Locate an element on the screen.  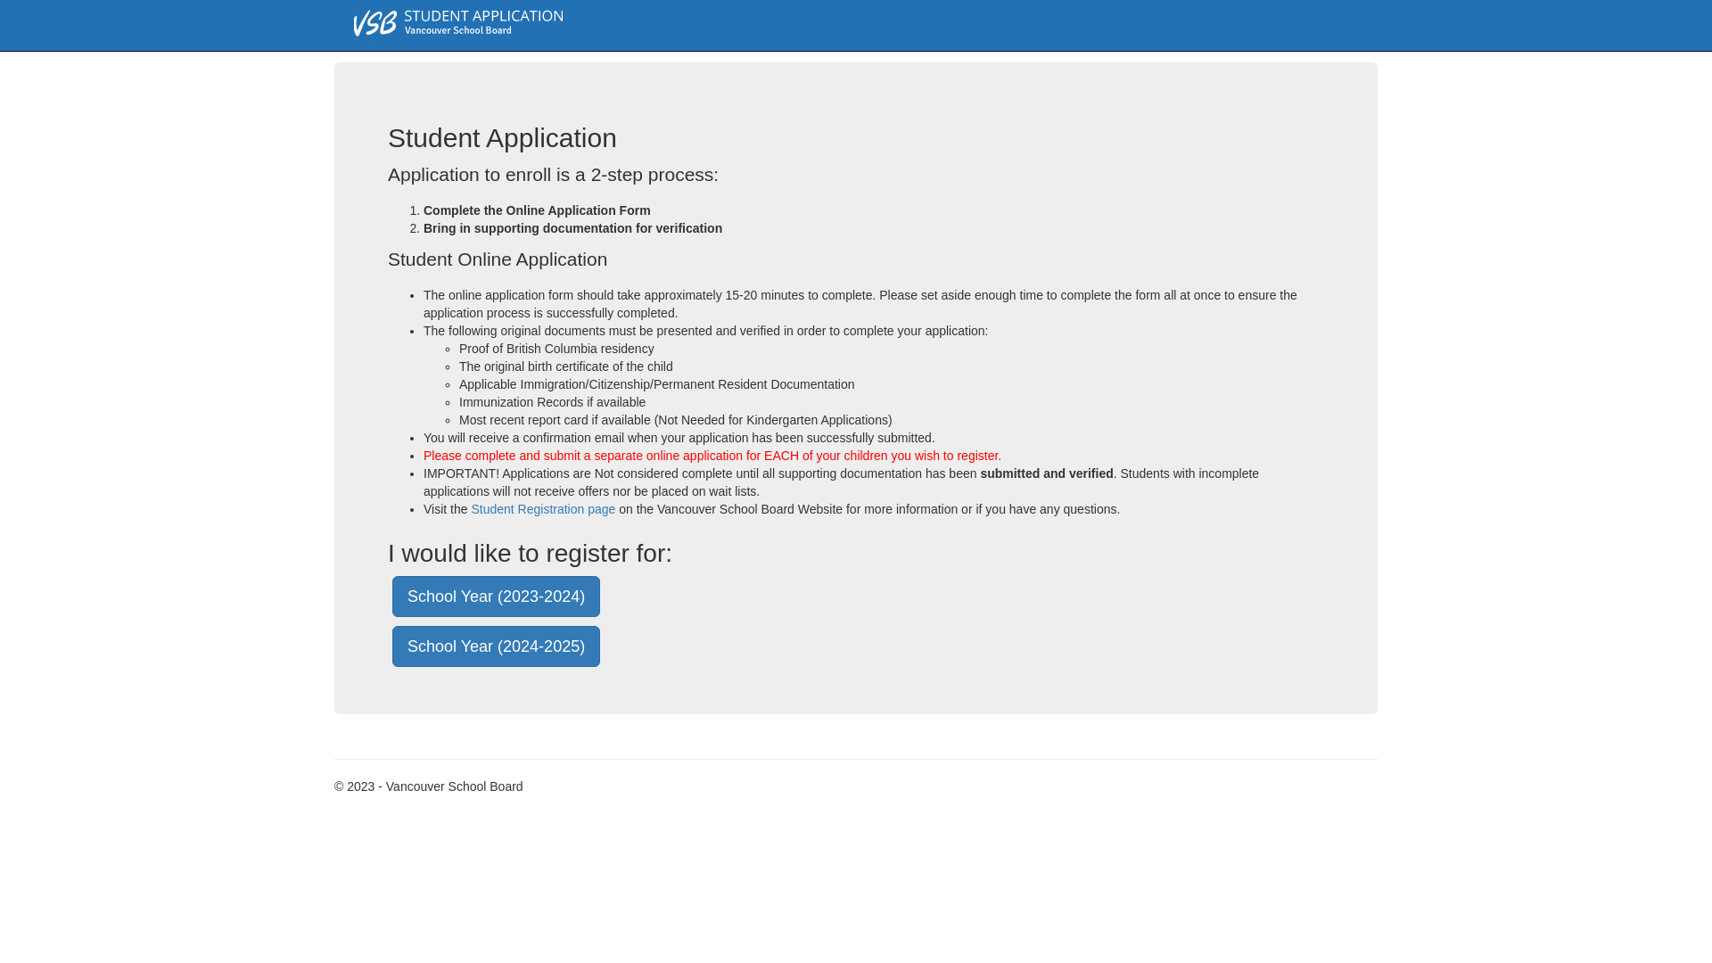
'Student Registration page' is located at coordinates (542, 508).